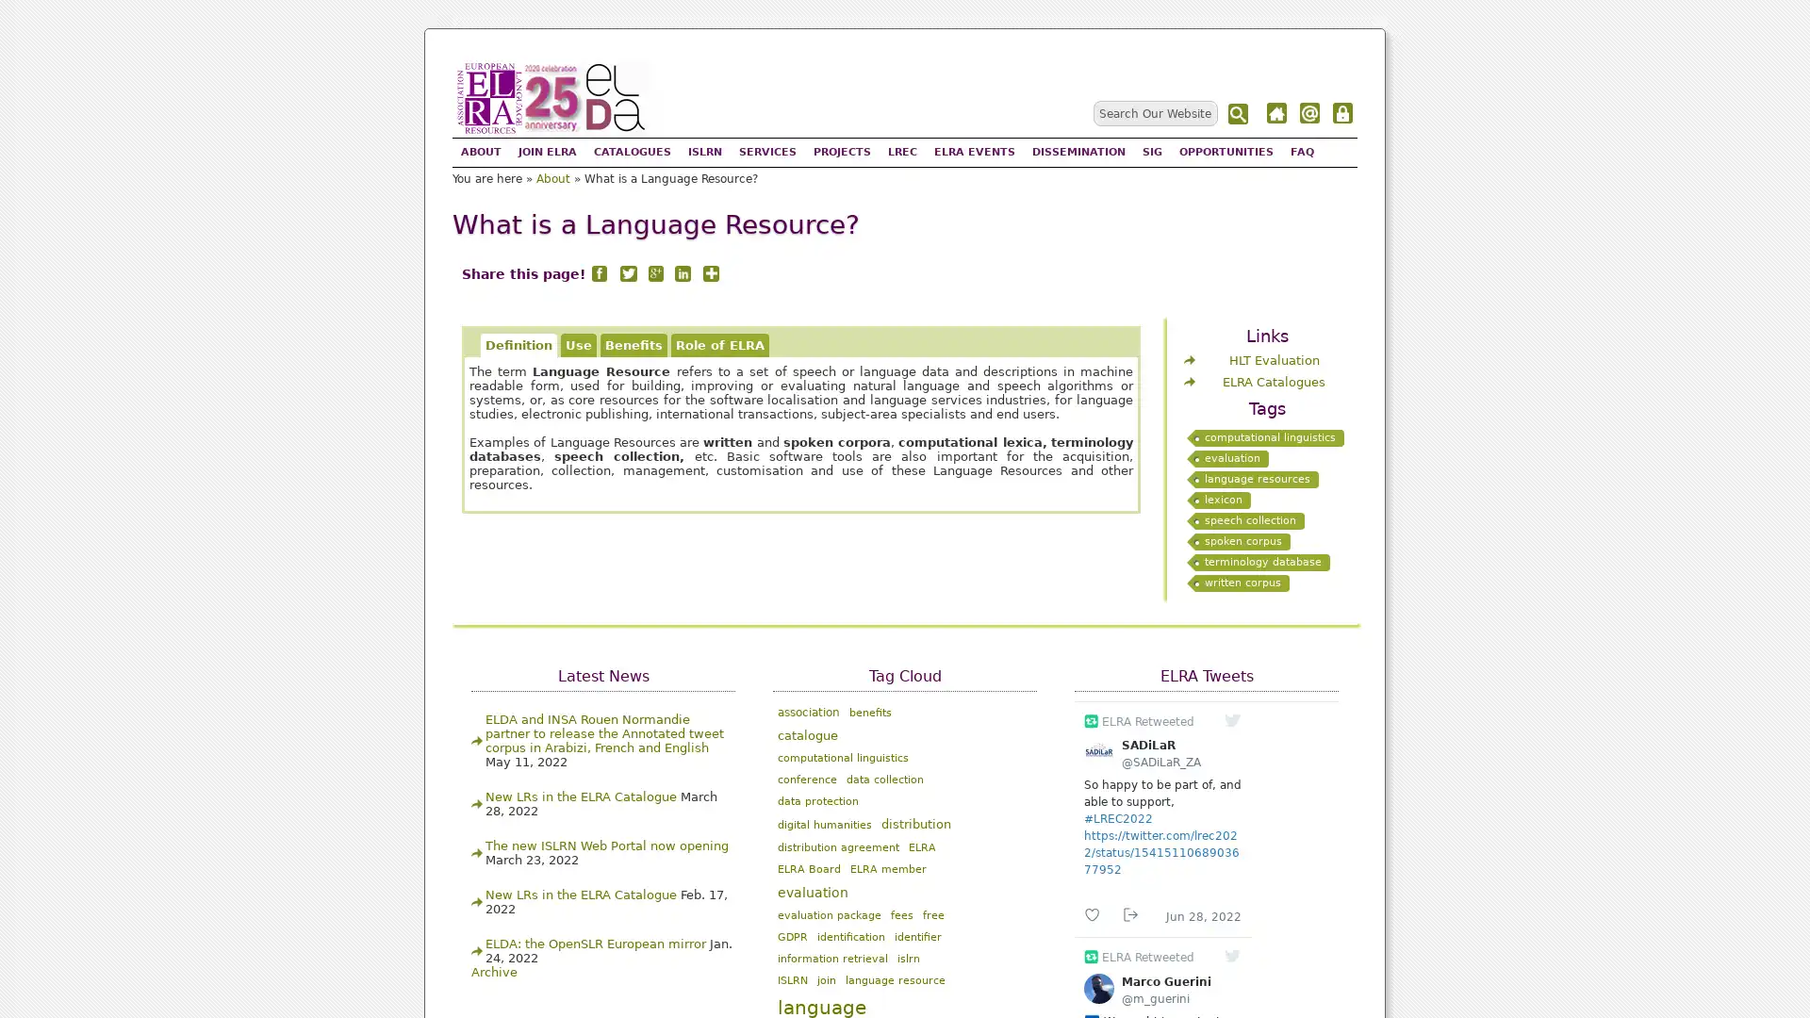  Describe the element at coordinates (1240, 114) in the screenshot. I see `search` at that location.